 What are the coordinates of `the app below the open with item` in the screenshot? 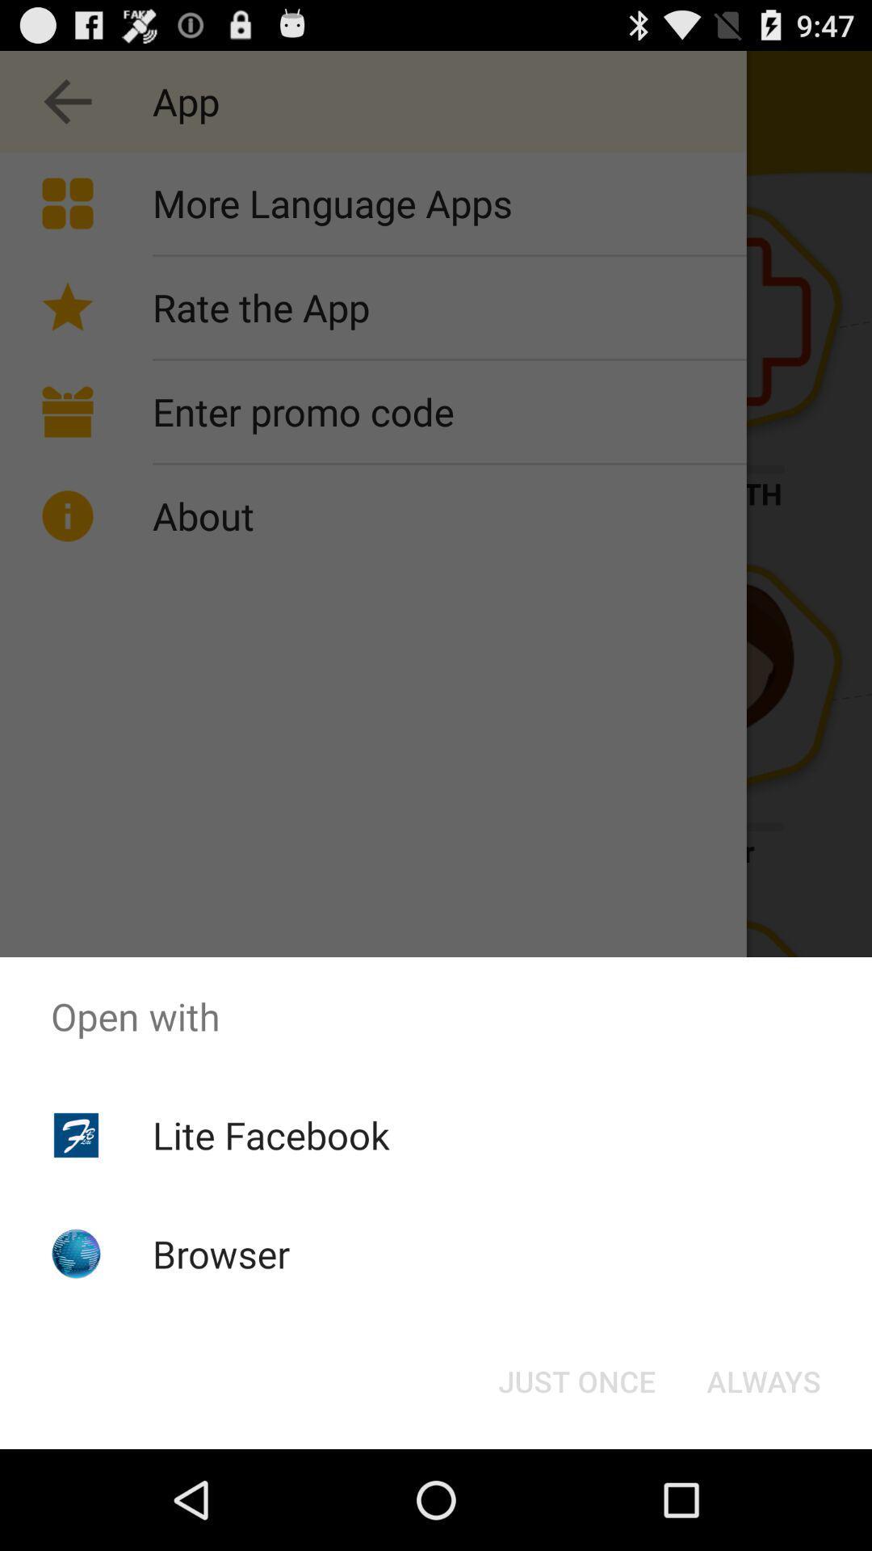 It's located at (763, 1380).